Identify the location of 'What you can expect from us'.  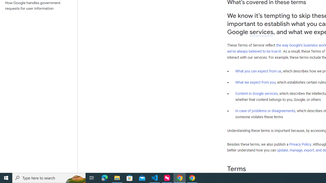
(258, 71).